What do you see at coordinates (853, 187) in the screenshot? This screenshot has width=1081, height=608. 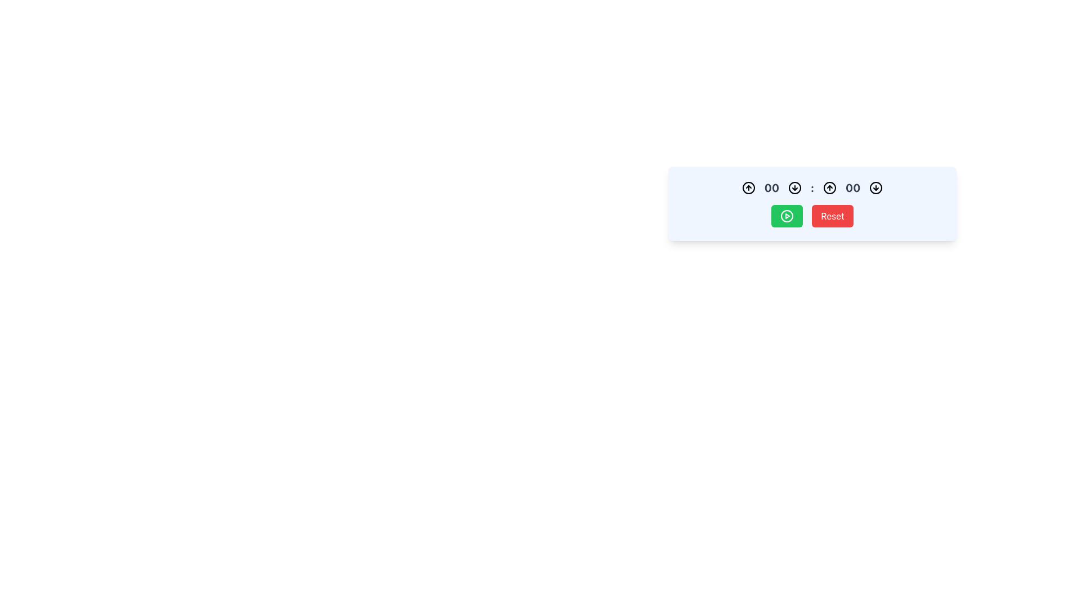 I see `the bolded numeric text '00' displayed in large gray font, which is the last numeric value in the time-like format '00:00', located to the right of the colon and neighboring control buttons` at bounding box center [853, 187].